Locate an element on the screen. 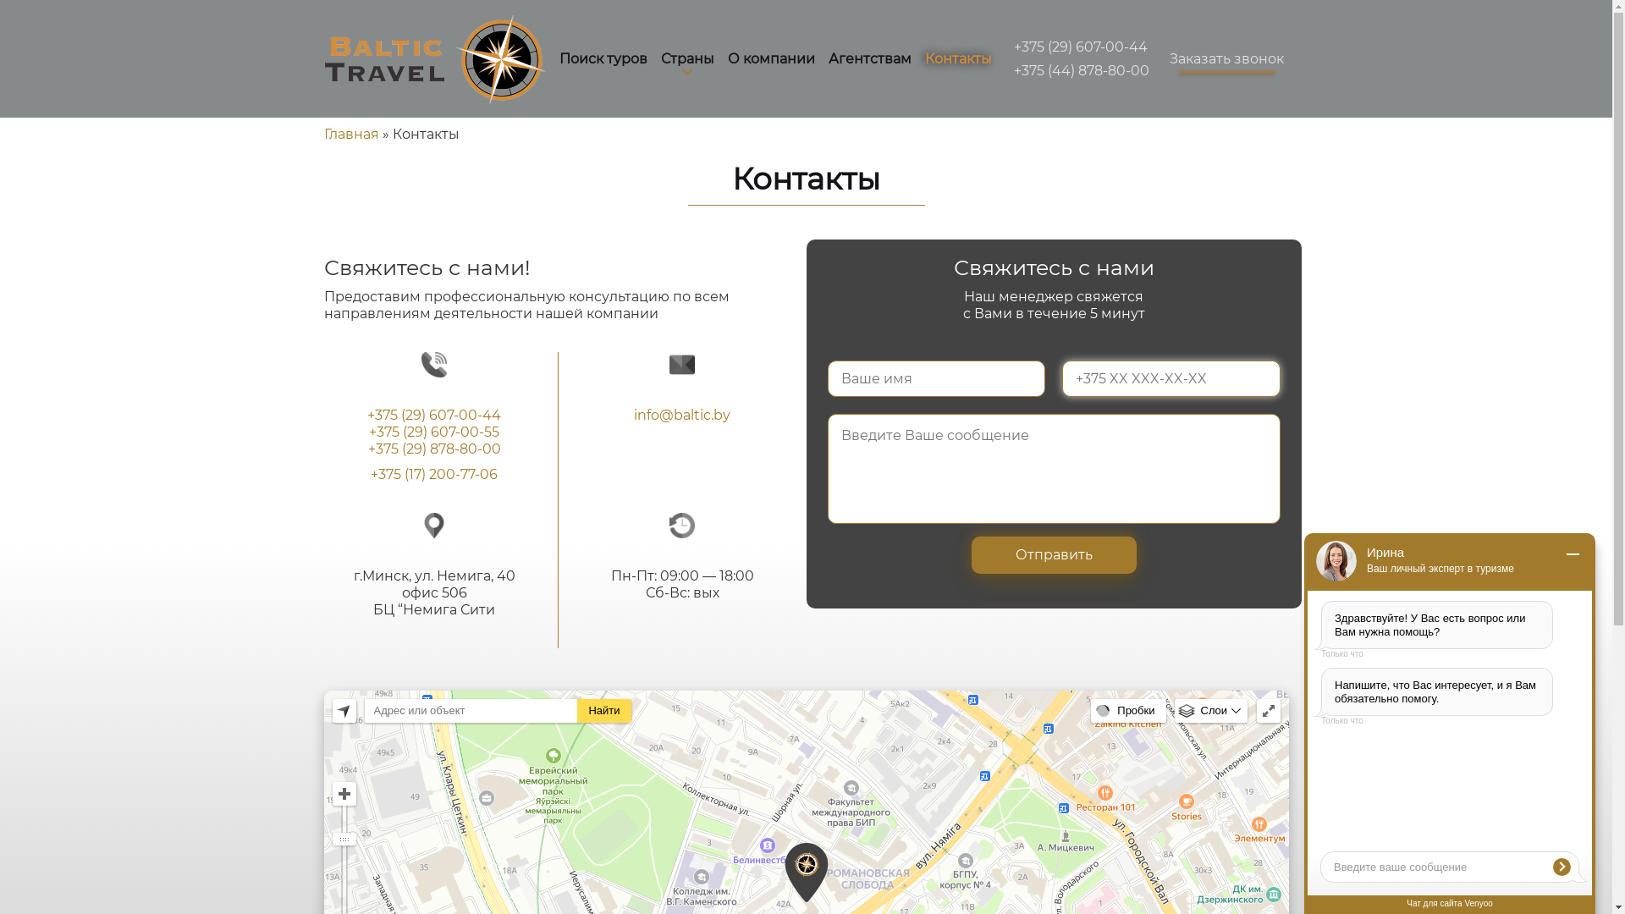 This screenshot has height=914, width=1625. '+375 (17) 200-77-06' is located at coordinates (434, 473).